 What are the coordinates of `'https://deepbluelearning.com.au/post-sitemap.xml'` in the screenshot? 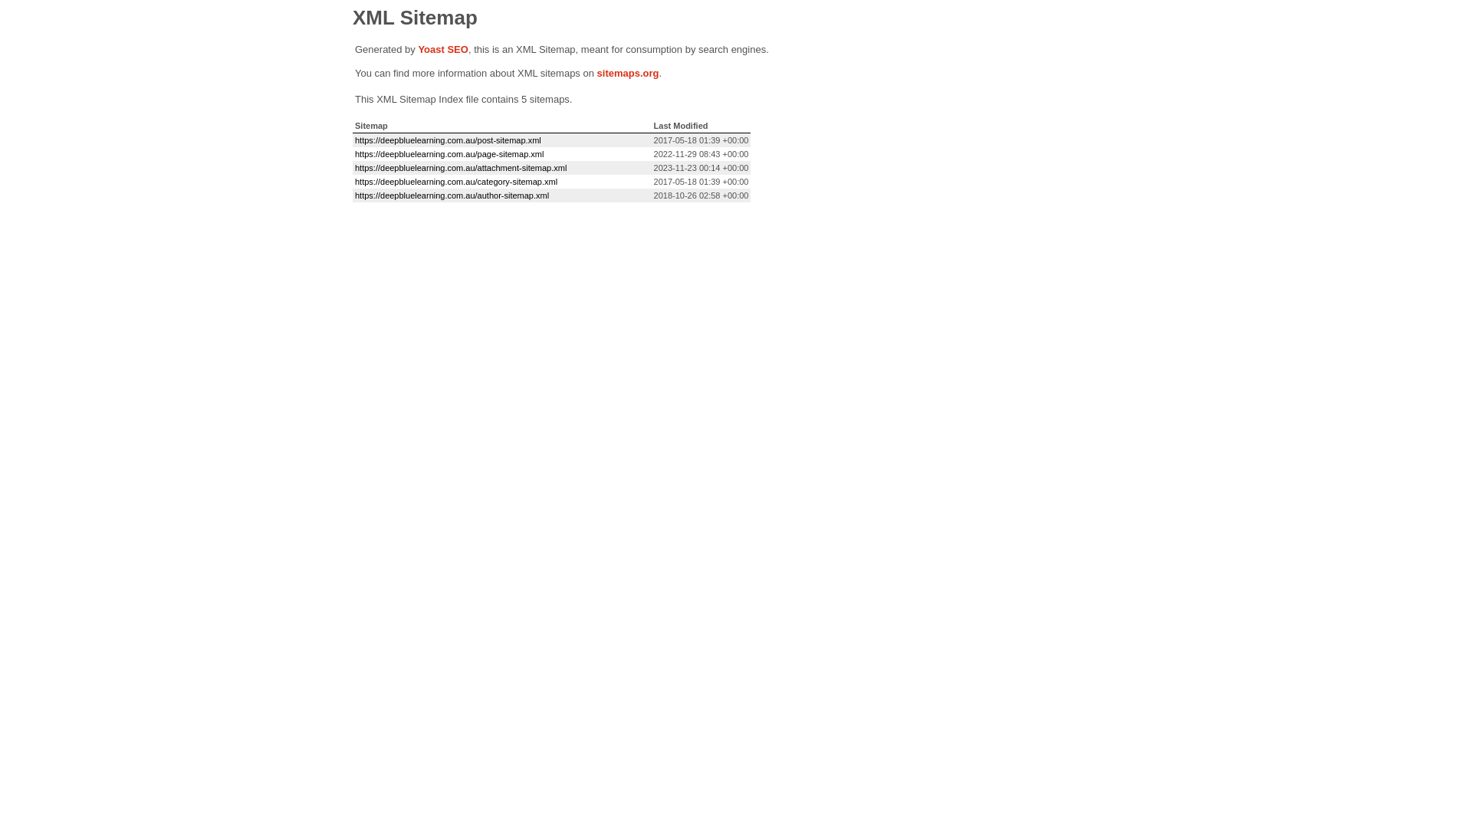 It's located at (447, 140).